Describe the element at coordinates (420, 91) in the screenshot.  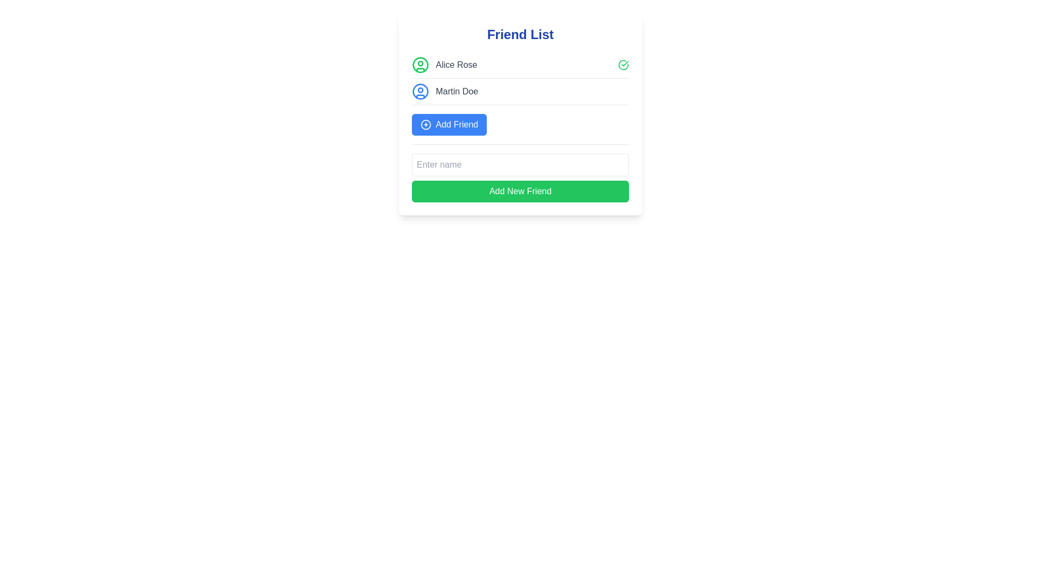
I see `the circular blue outlined user profile icon located to the left of the text 'Martin Doe' in the interface` at that location.